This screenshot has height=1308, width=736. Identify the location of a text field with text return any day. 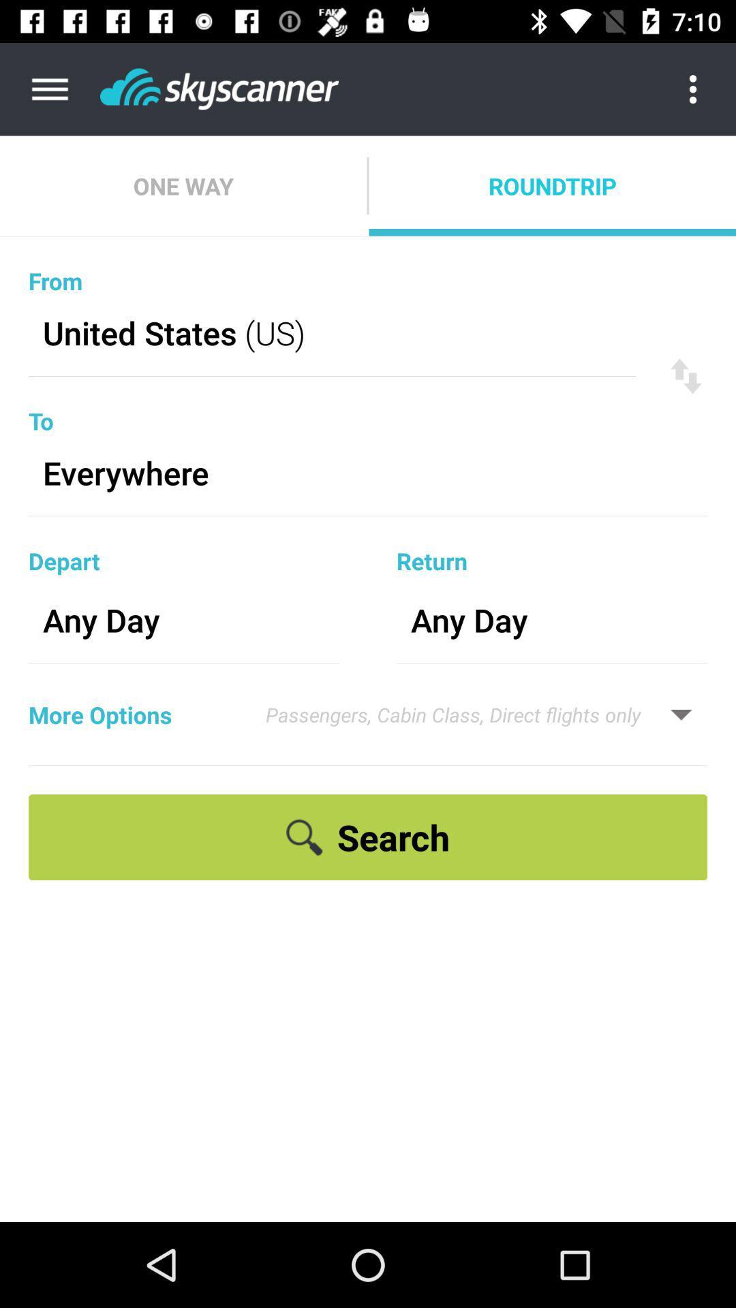
(552, 589).